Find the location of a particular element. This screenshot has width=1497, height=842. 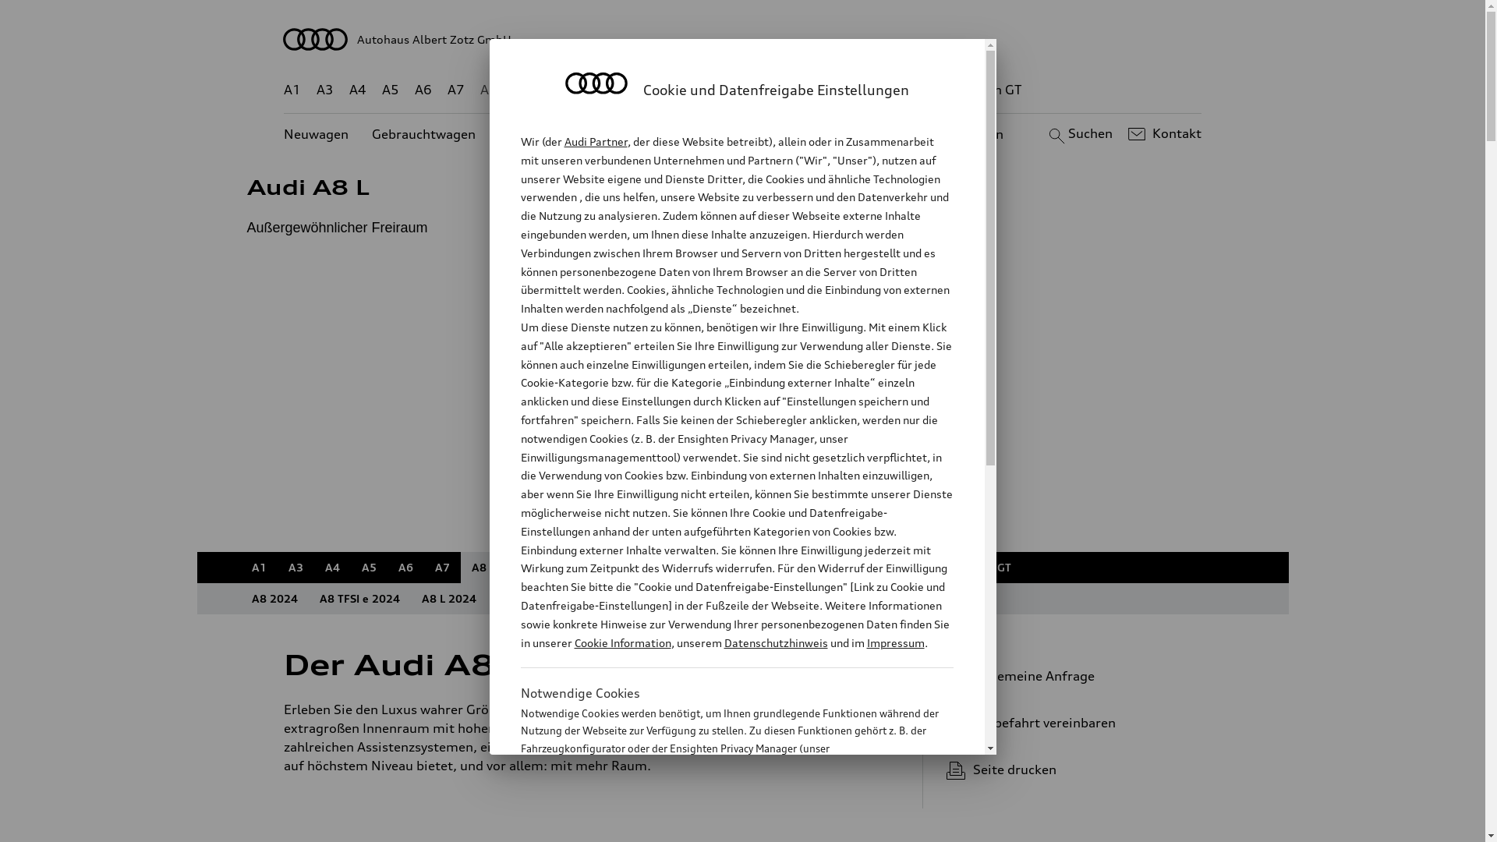

'Probefahrt vereinbaren' is located at coordinates (1067, 722).